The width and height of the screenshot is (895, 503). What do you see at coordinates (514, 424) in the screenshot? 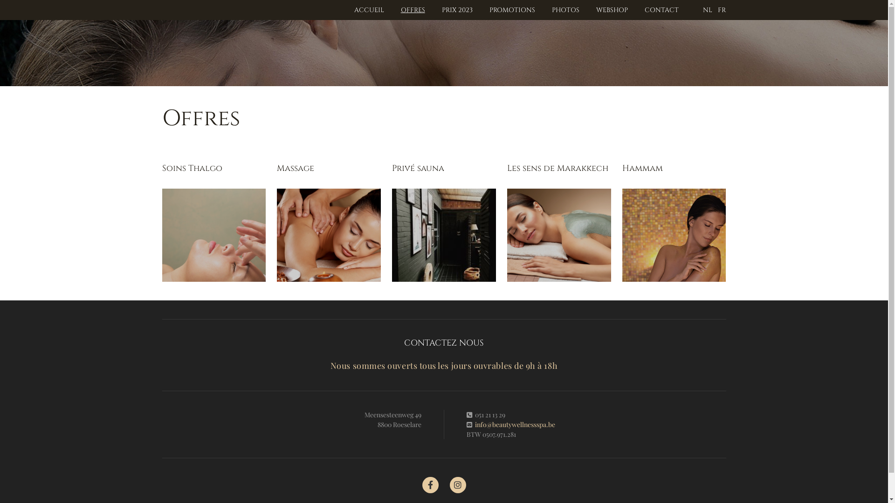
I see `'info@beautywellnessspa.be'` at bounding box center [514, 424].